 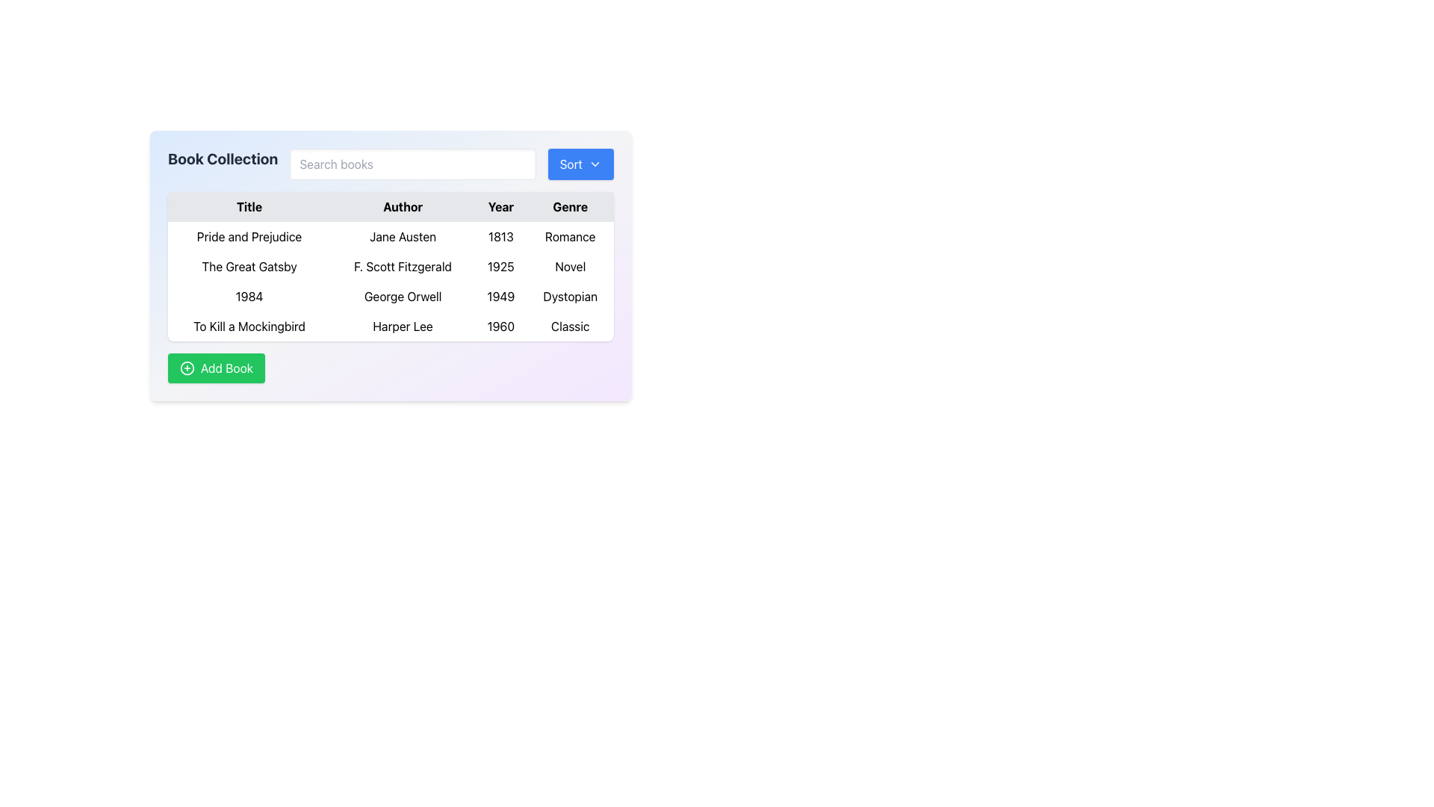 What do you see at coordinates (580, 164) in the screenshot?
I see `the sorting button located to the far right of the 'Book Collection' section, adjacent to the 'Search books' text input field` at bounding box center [580, 164].